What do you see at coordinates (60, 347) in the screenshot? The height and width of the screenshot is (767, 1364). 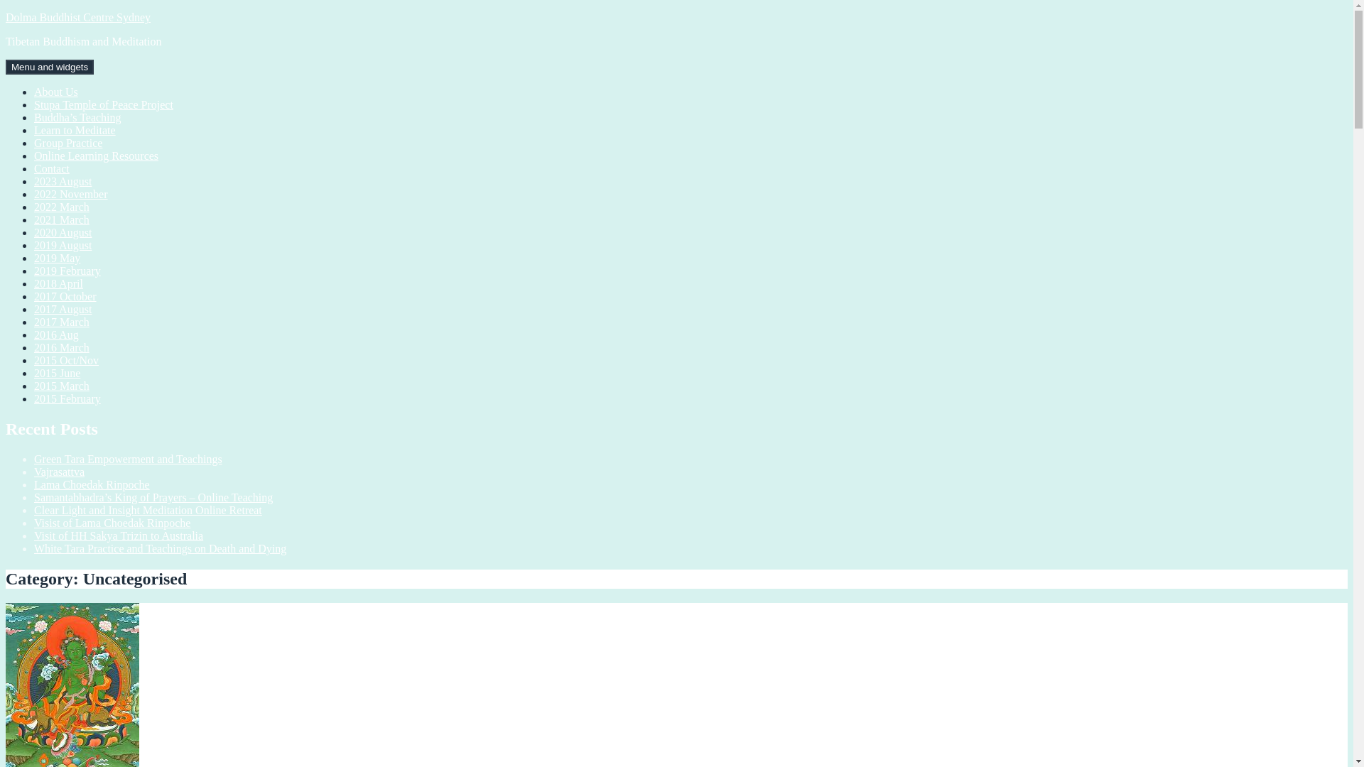 I see `'2016 March'` at bounding box center [60, 347].